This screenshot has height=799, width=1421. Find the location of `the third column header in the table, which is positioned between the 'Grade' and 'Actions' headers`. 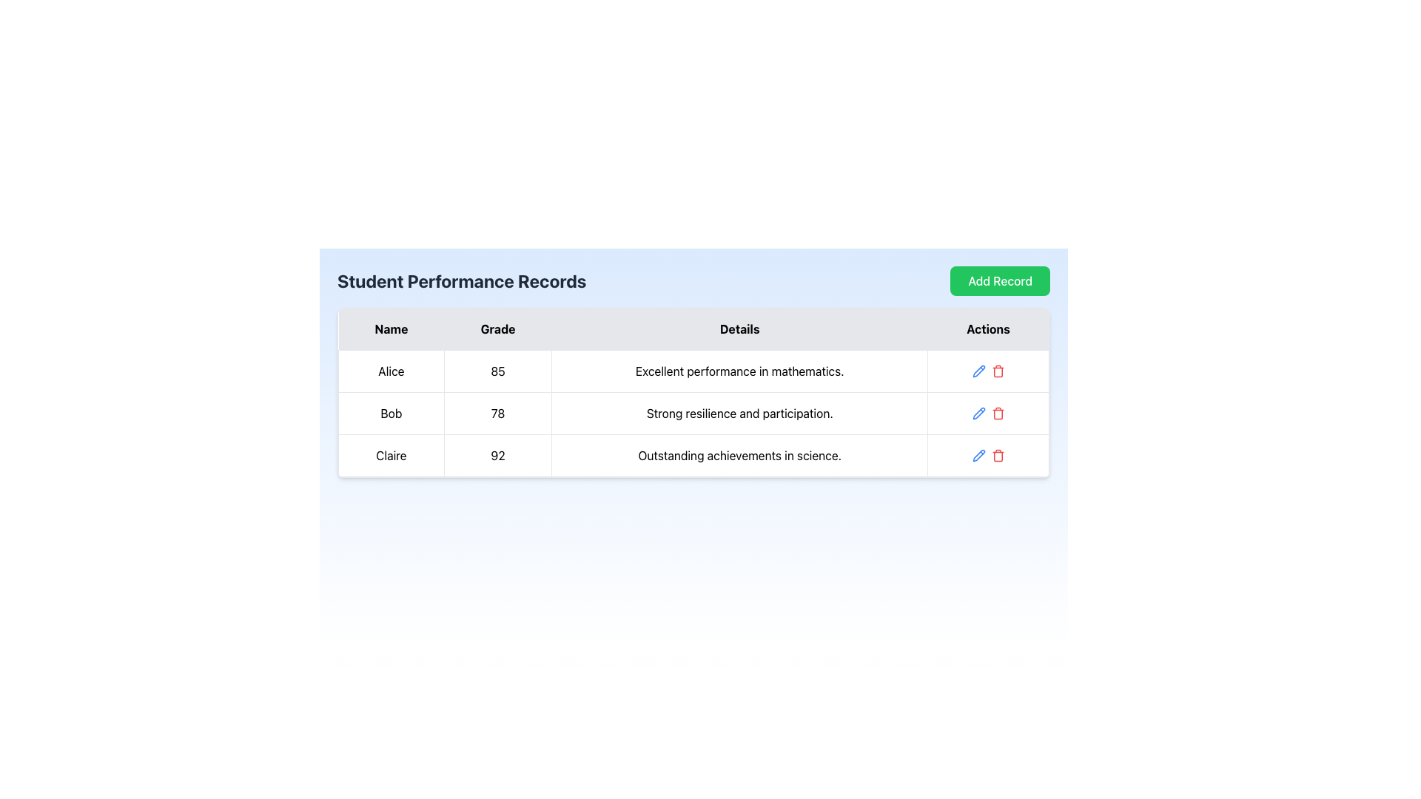

the third column header in the table, which is positioned between the 'Grade' and 'Actions' headers is located at coordinates (739, 328).